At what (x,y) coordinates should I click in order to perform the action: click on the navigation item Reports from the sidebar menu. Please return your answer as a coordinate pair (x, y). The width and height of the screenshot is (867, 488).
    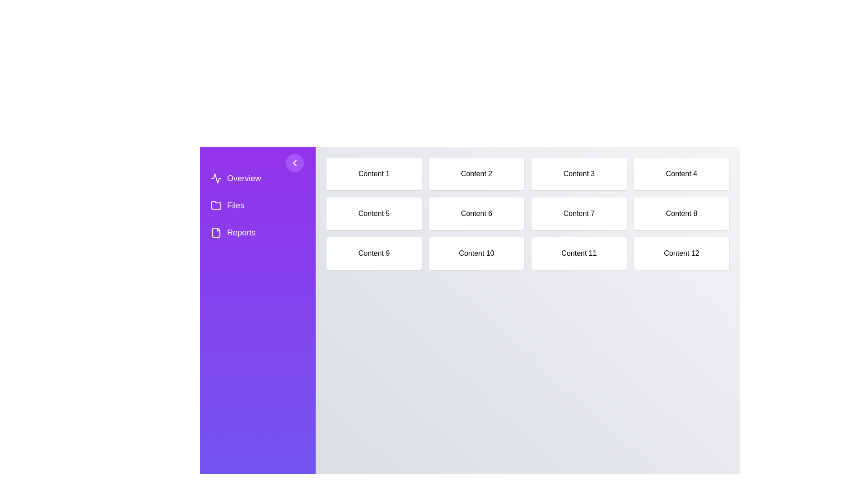
    Looking at the image, I should click on (257, 232).